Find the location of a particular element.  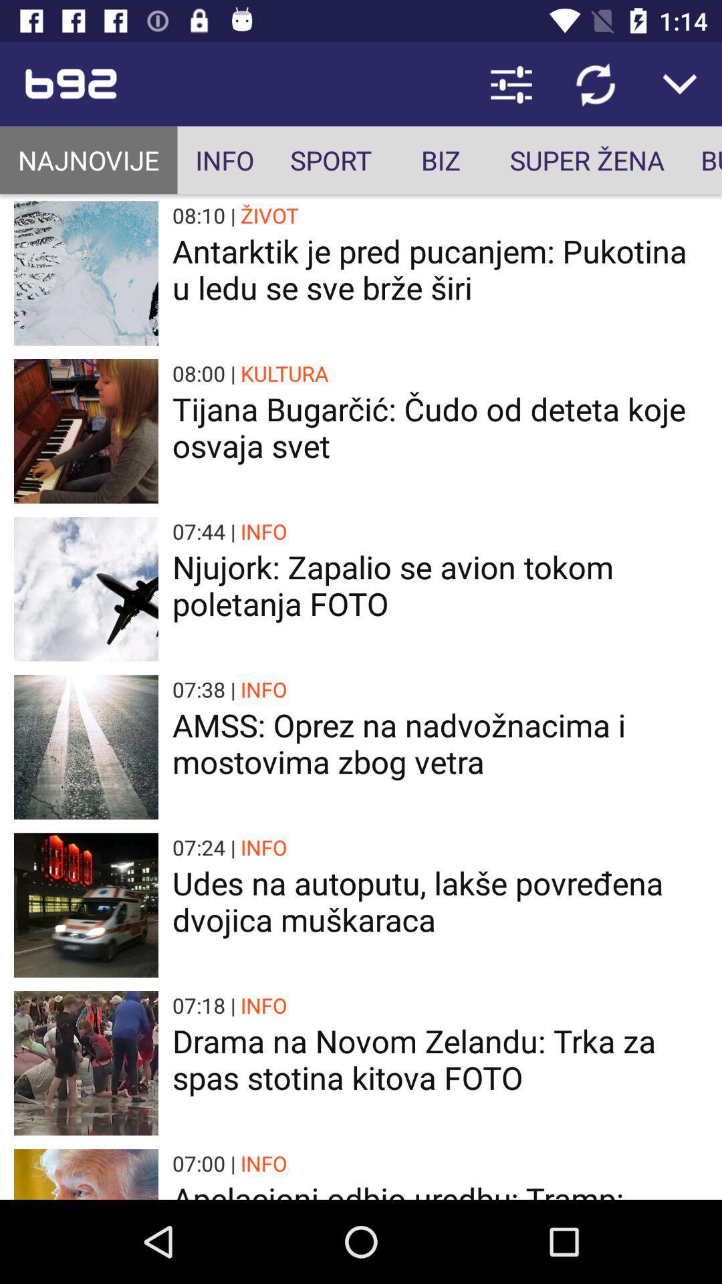

the   biz is located at coordinates (441, 160).